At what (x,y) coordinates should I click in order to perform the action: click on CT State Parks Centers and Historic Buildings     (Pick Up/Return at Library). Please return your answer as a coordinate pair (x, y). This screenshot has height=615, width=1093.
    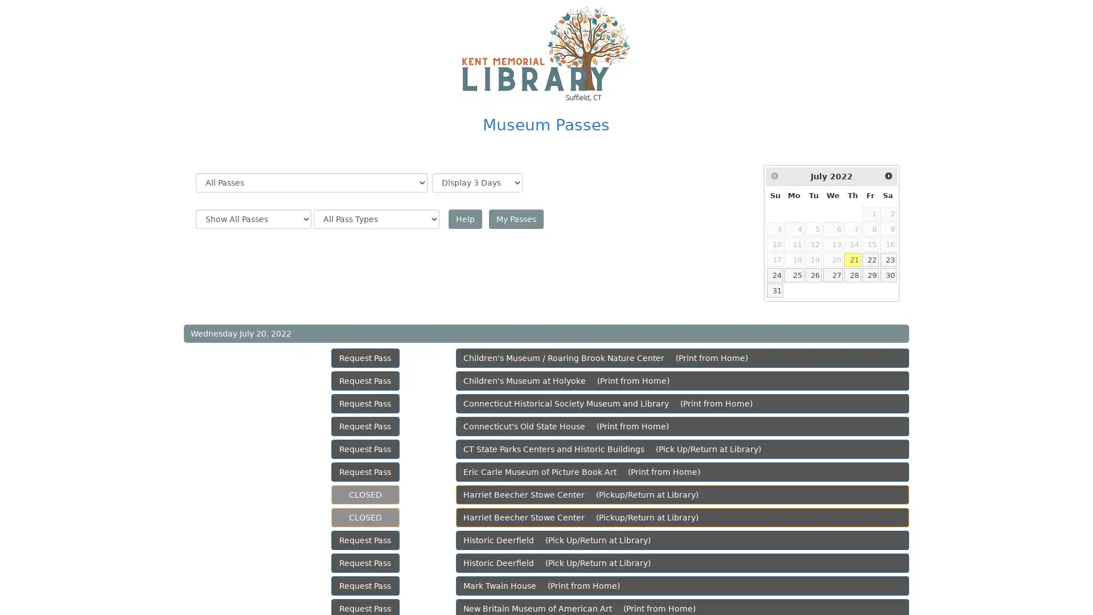
    Looking at the image, I should click on (682, 449).